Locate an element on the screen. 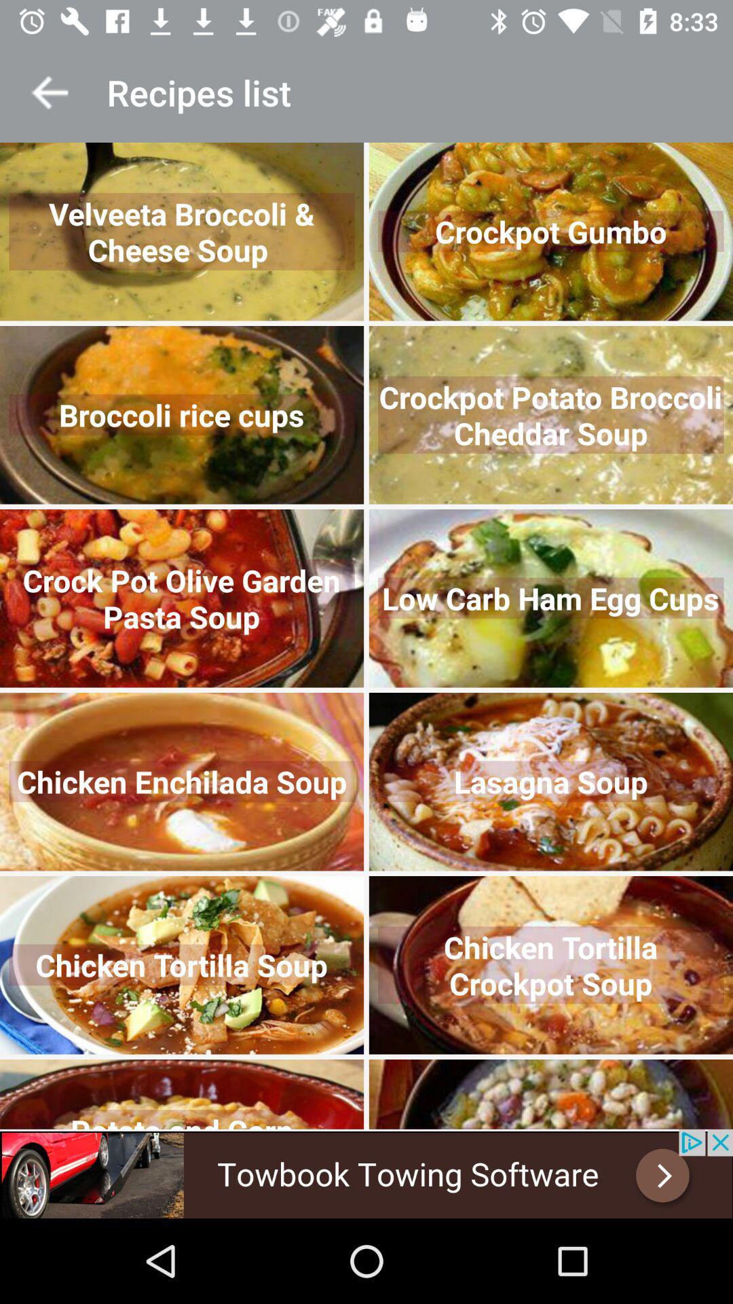  go back is located at coordinates (49, 92).